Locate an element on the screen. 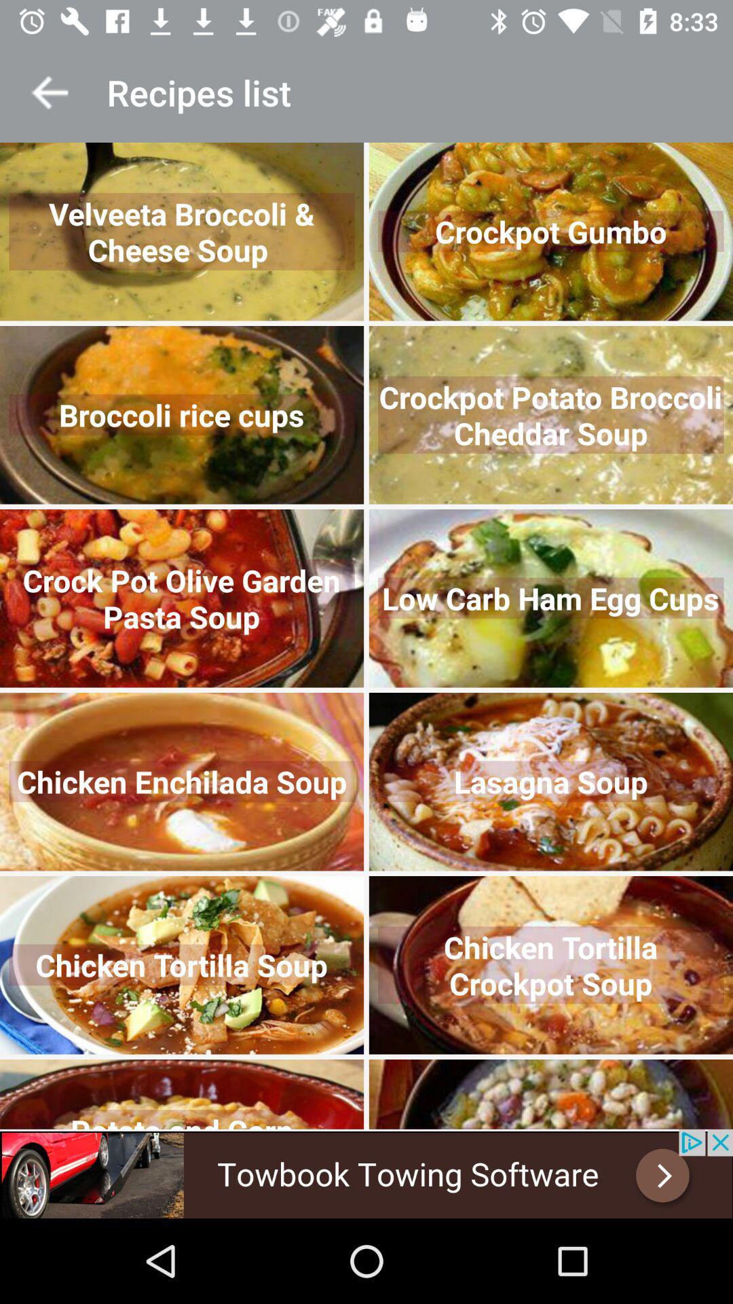  go back is located at coordinates (49, 92).